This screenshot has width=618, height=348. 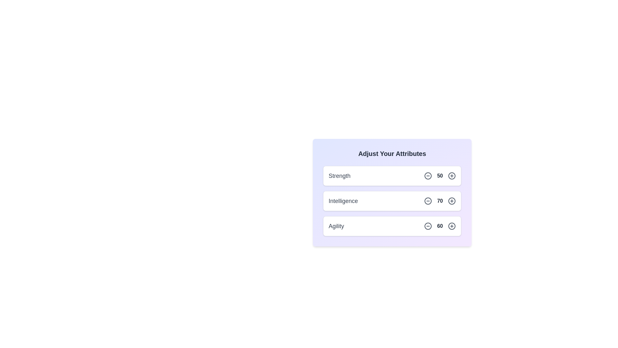 I want to click on the minus icon for the attribute Strength to decrease its value, so click(x=428, y=176).